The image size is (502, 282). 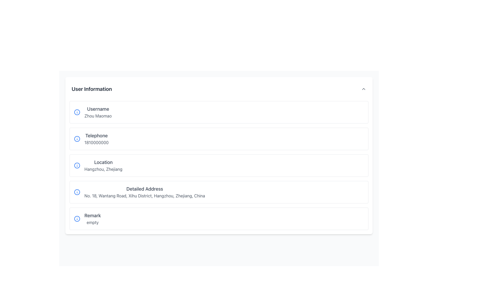 What do you see at coordinates (96, 136) in the screenshot?
I see `the 'Telephone' text label, which is a medium-sized, bold, gray font, positioned above the number '1810000000' in the user information section` at bounding box center [96, 136].